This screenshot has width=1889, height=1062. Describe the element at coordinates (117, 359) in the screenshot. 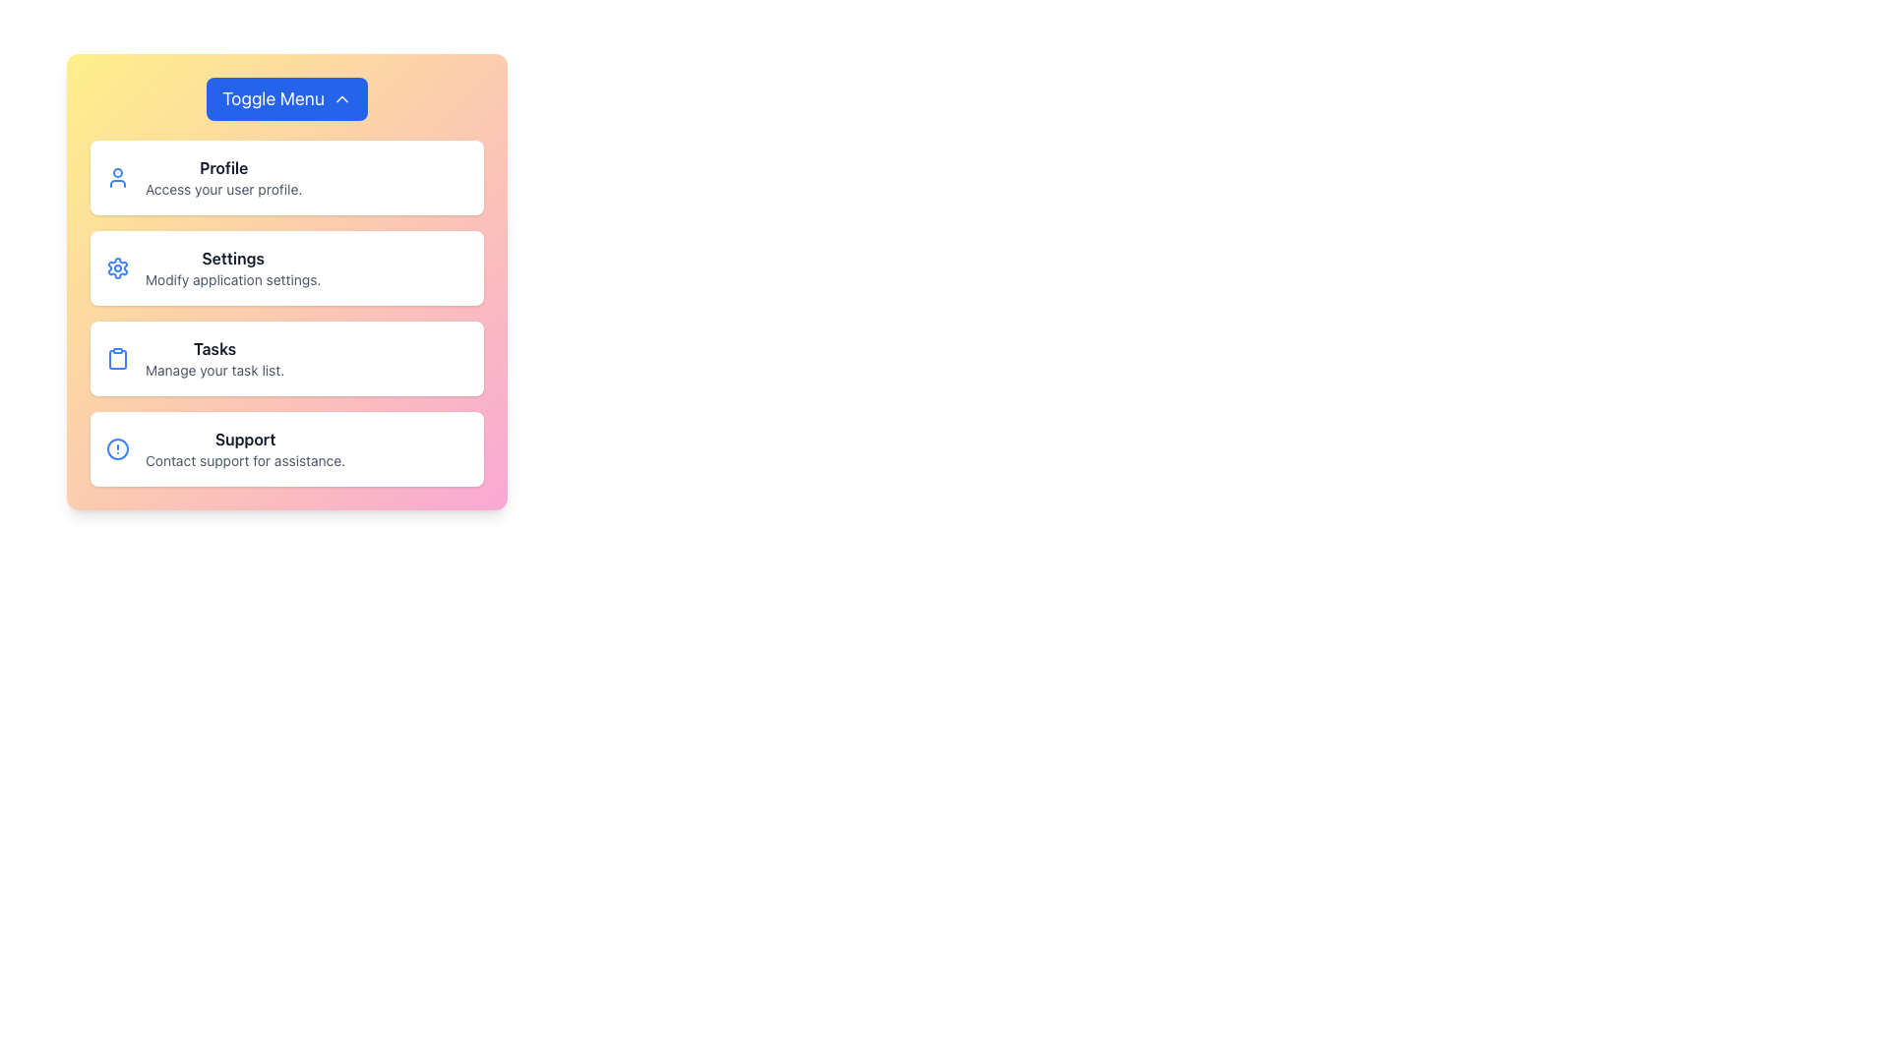

I see `the blue outlined clipboard SVG icon located to the left of the 'Tasks' text in the third menu item of the vertical menu` at that location.